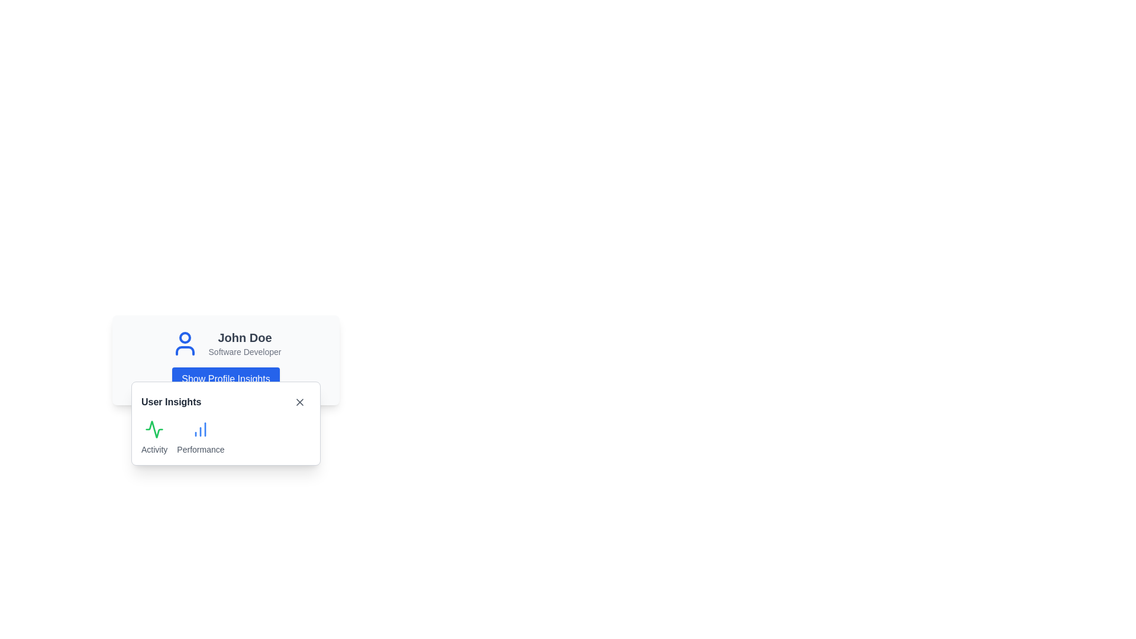  What do you see at coordinates (184, 344) in the screenshot?
I see `the user profile icon, which is a blue circular shape with a head and shoulders, located to the left of the text 'John Doe' and 'Software Developer'` at bounding box center [184, 344].